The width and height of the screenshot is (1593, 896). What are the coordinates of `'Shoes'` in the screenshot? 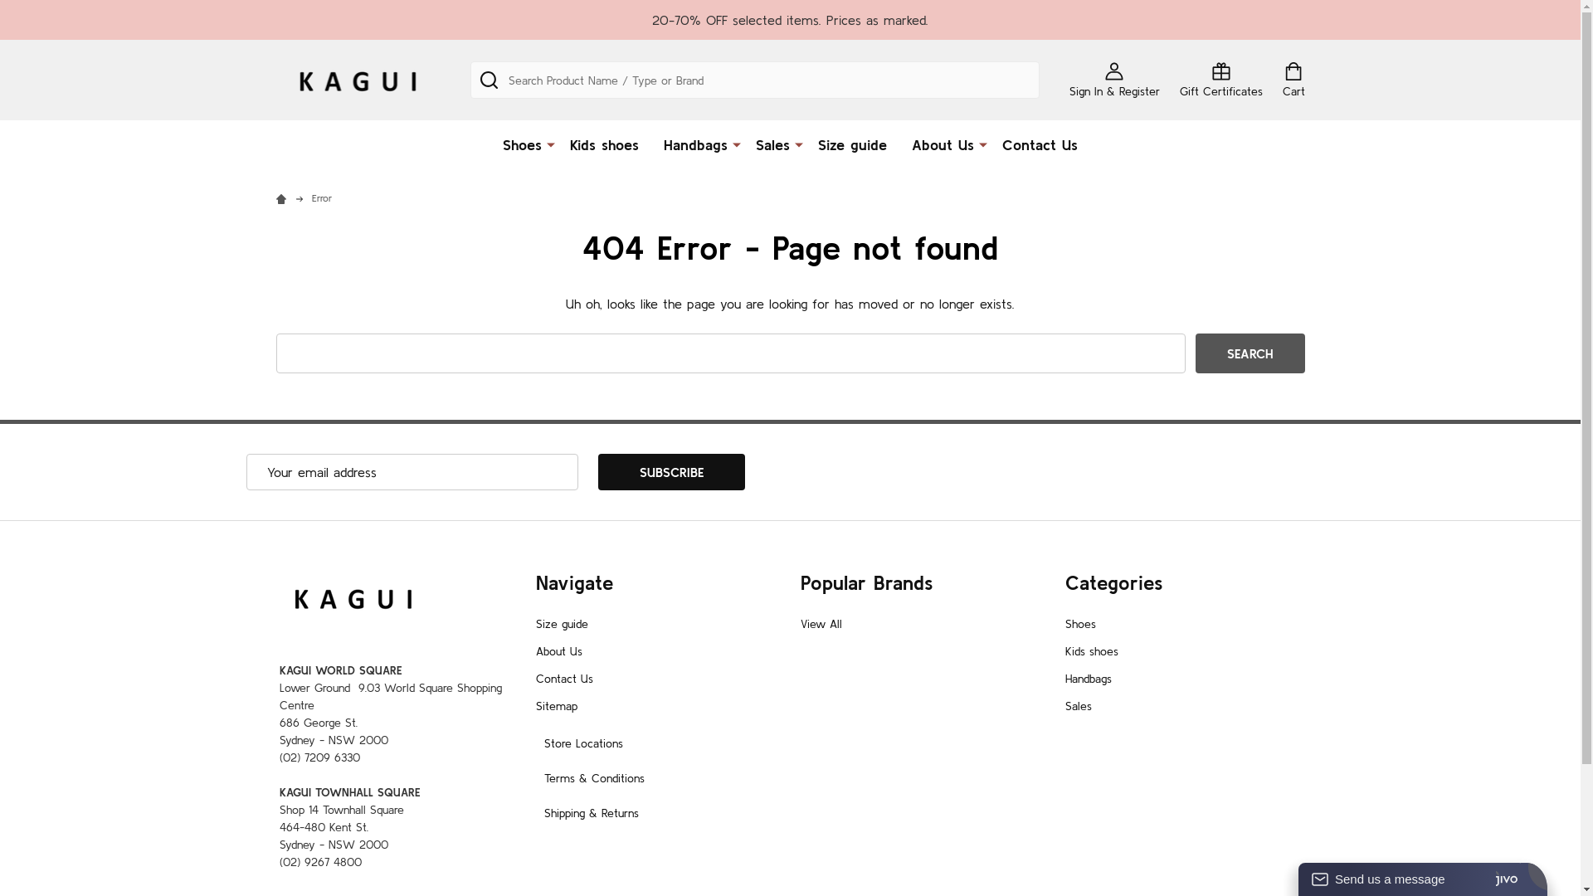 It's located at (1080, 624).